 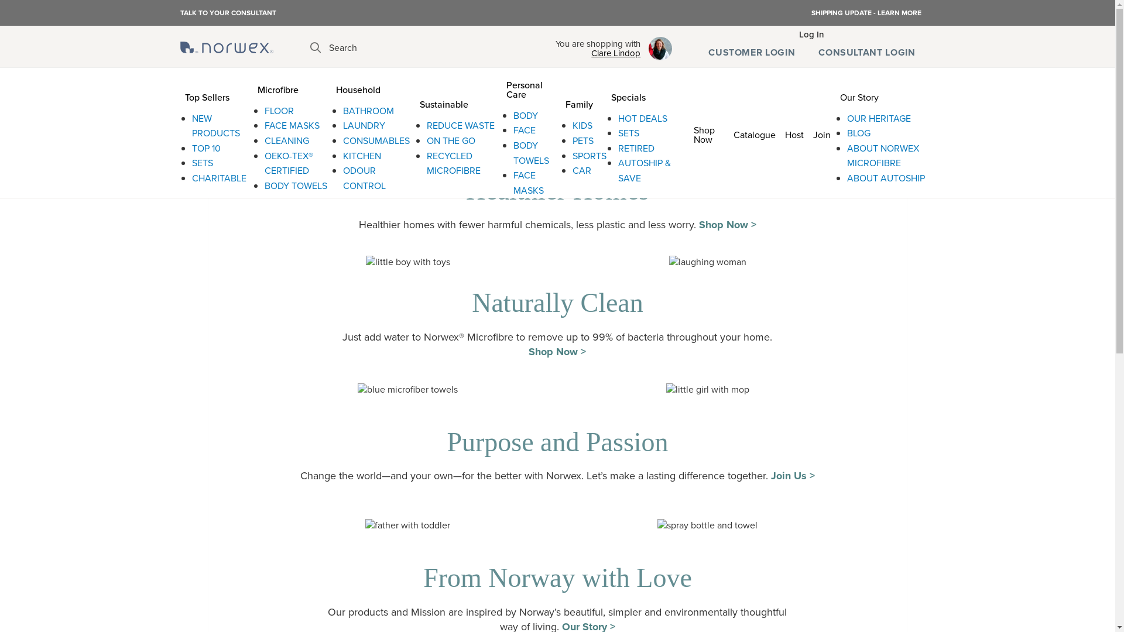 What do you see at coordinates (450, 140) in the screenshot?
I see `'ON THE GO'` at bounding box center [450, 140].